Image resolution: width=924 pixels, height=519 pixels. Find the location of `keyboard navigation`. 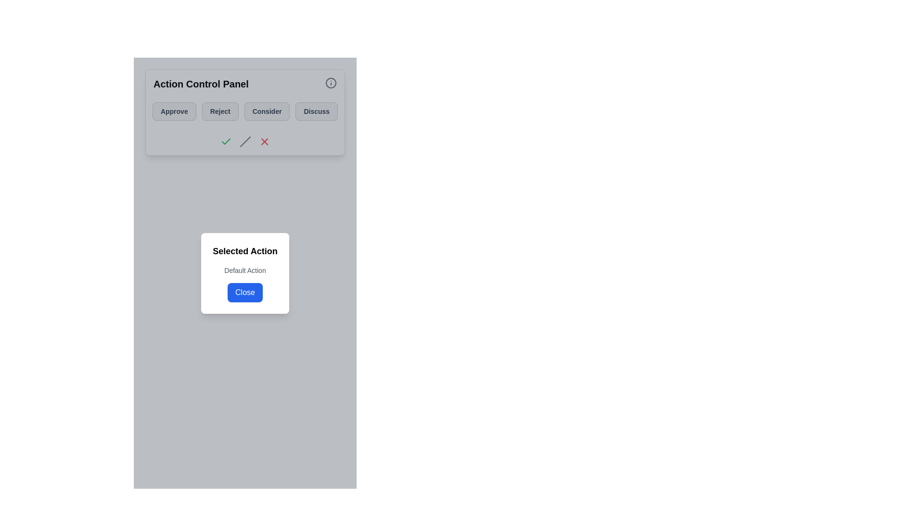

keyboard navigation is located at coordinates (245, 111).